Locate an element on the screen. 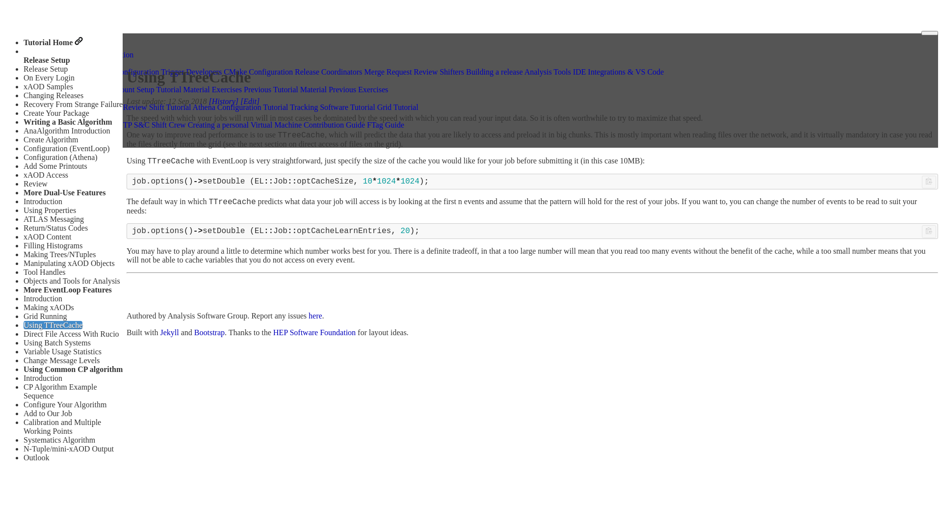 The width and height of the screenshot is (942, 530). 'CMake Configuration' is located at coordinates (258, 71).